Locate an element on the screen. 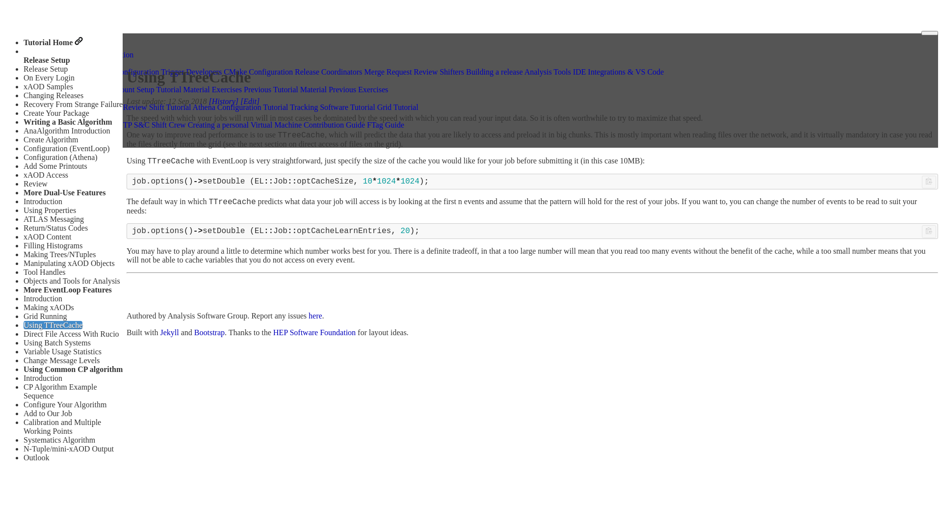 The width and height of the screenshot is (942, 530). 'CMake Configuration' is located at coordinates (258, 71).